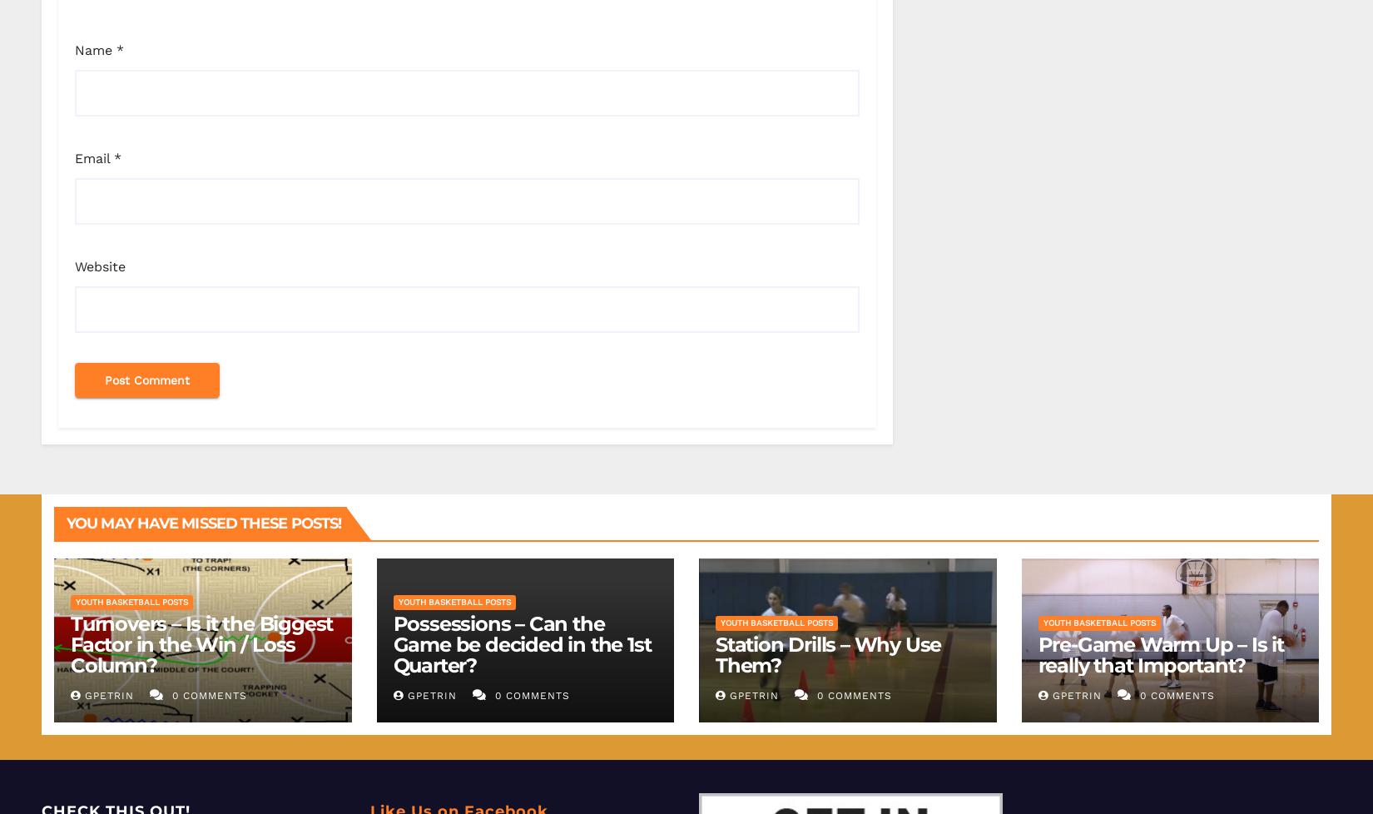 This screenshot has width=1373, height=814. Describe the element at coordinates (67, 522) in the screenshot. I see `'YOU MAY HAVE MISSED THESE POSTS!'` at that location.